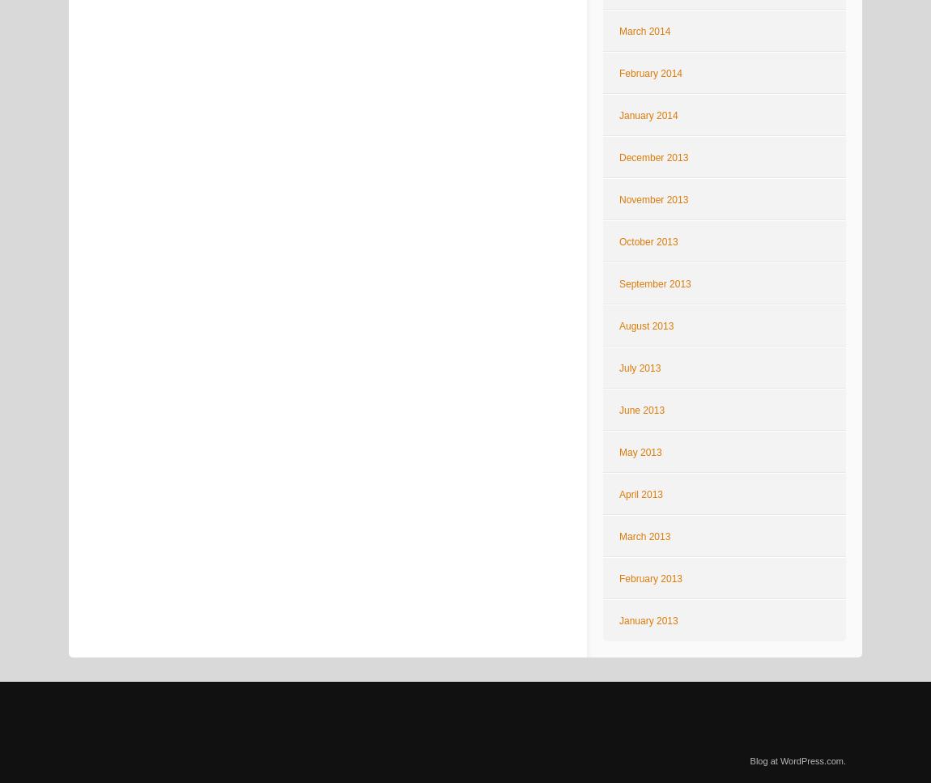 The image size is (931, 783). What do you see at coordinates (644, 535) in the screenshot?
I see `'March 2013'` at bounding box center [644, 535].